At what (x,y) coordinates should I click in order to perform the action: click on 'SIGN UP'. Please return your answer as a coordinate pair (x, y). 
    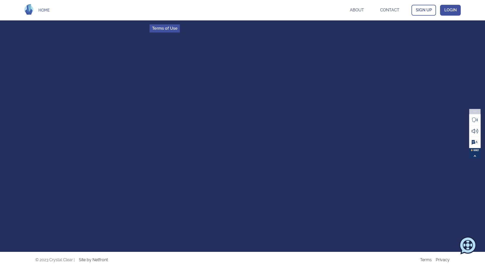
    Looking at the image, I should click on (424, 10).